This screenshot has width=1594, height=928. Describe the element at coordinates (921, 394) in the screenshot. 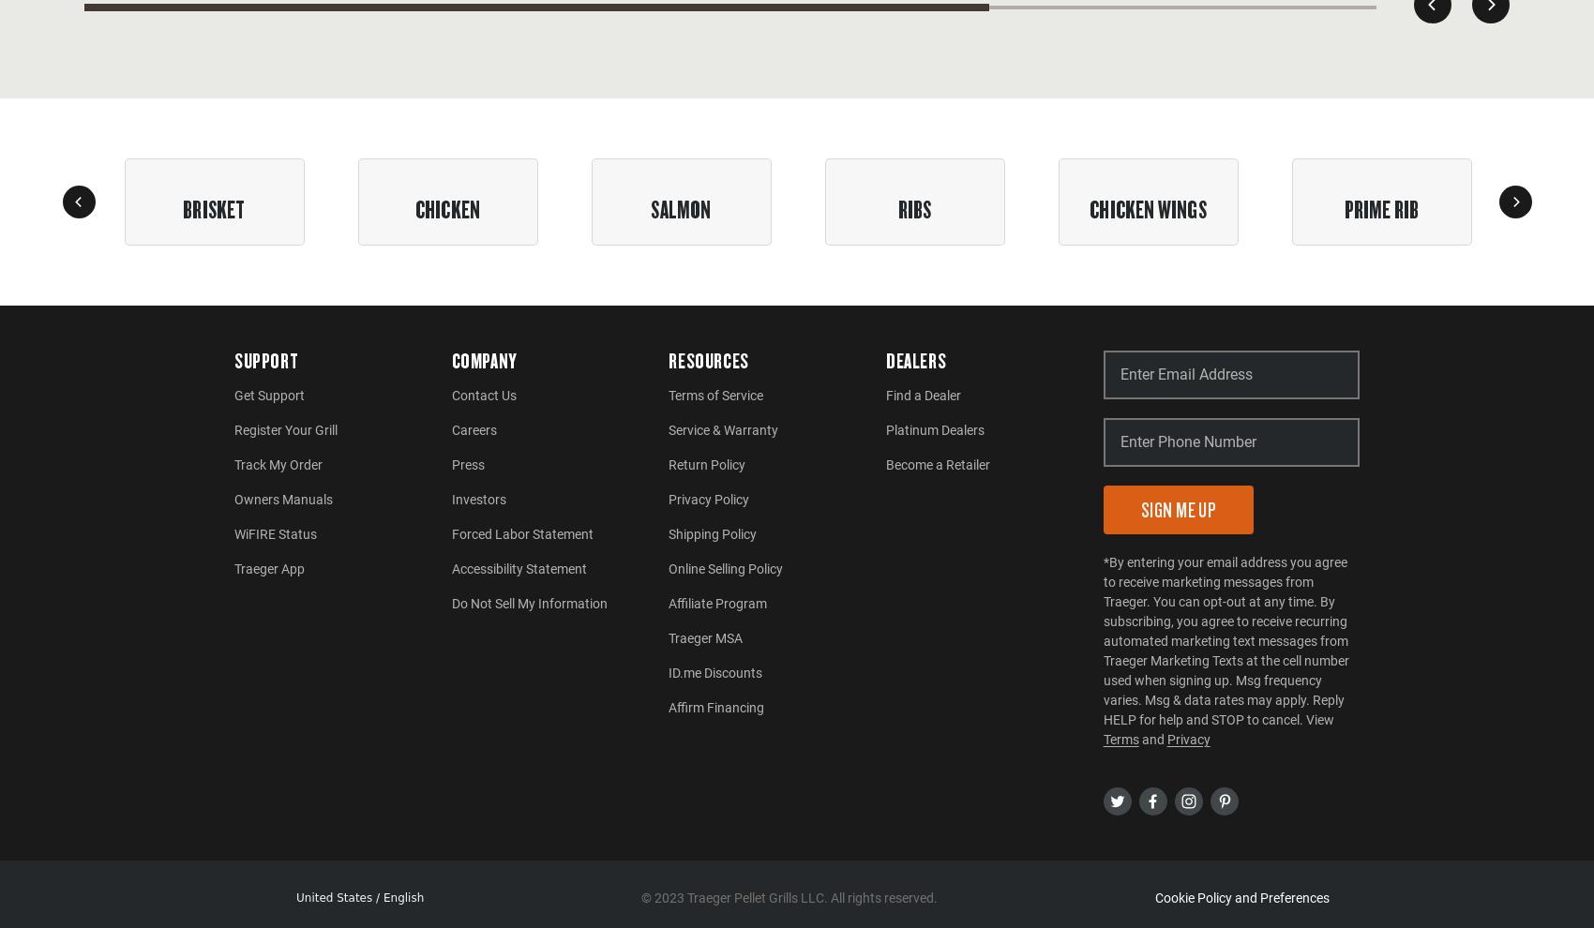

I see `'Find a Dealer'` at that location.